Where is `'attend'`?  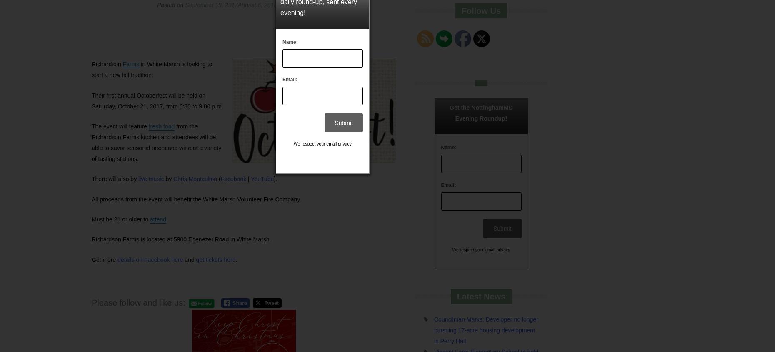 'attend' is located at coordinates (157, 219).